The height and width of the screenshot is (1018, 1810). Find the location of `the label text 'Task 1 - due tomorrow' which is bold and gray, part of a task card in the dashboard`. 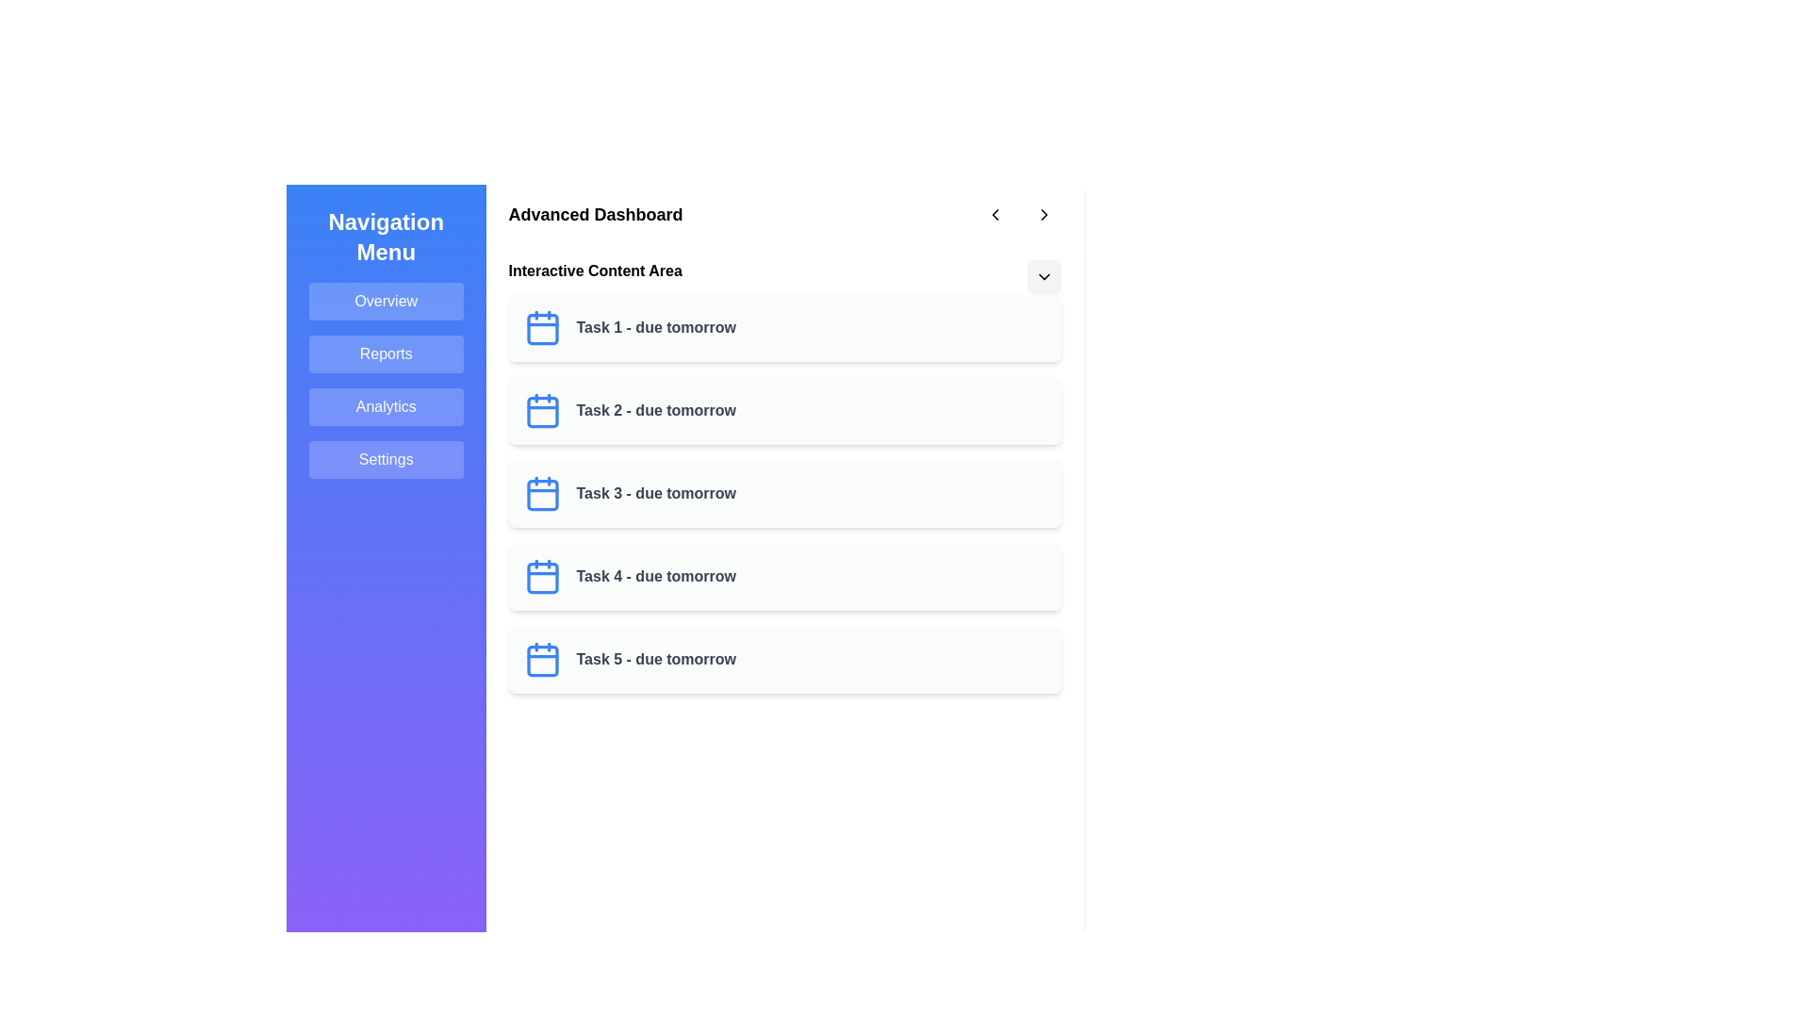

the label text 'Task 1 - due tomorrow' which is bold and gray, part of a task card in the dashboard is located at coordinates (656, 326).